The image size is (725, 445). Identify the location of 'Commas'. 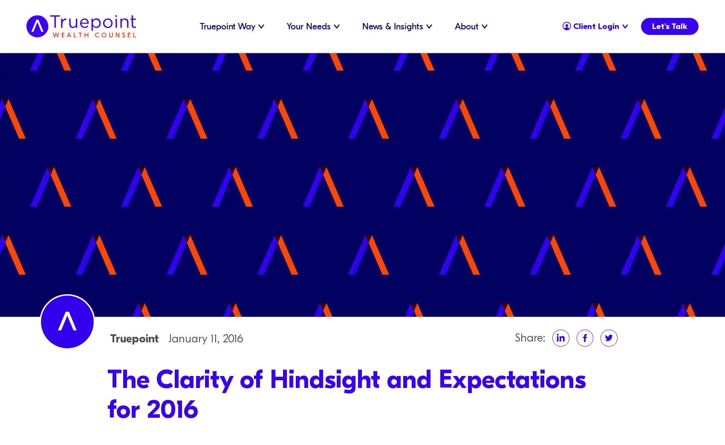
(276, 36).